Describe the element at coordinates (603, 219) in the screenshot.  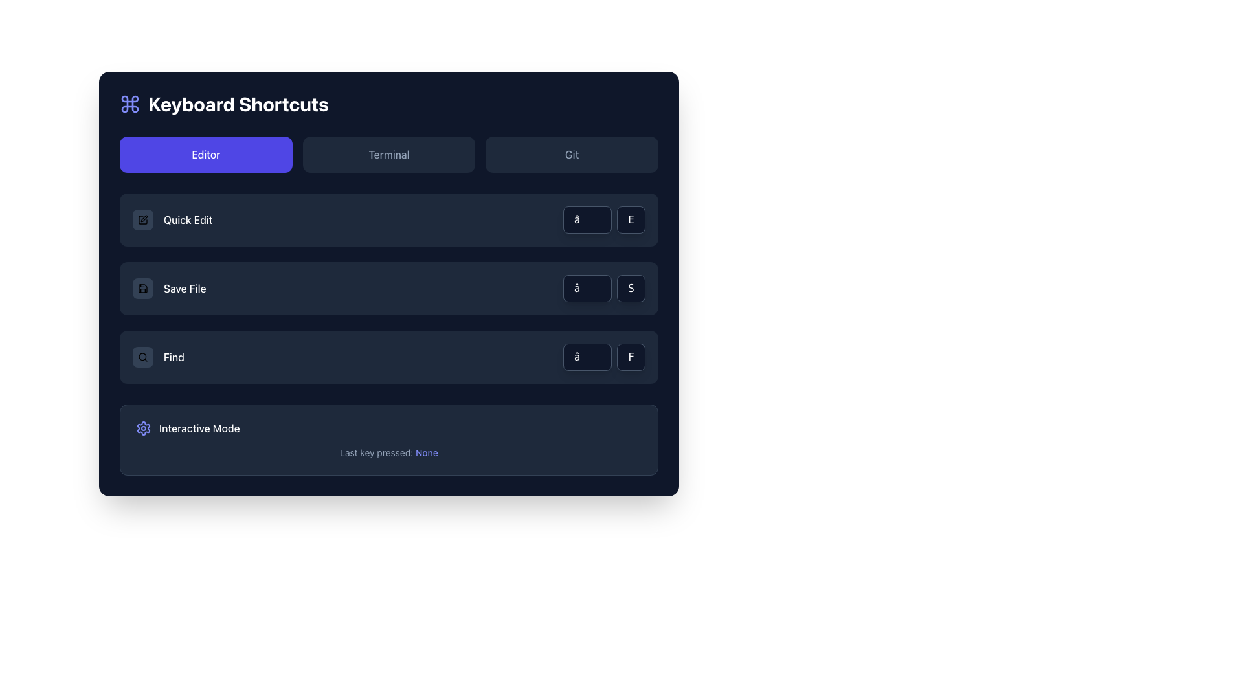
I see `the keyboard shortcut indicated` at that location.